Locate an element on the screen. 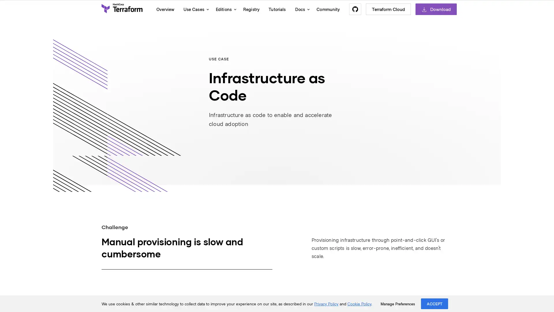  Manage Preferences is located at coordinates (397, 304).